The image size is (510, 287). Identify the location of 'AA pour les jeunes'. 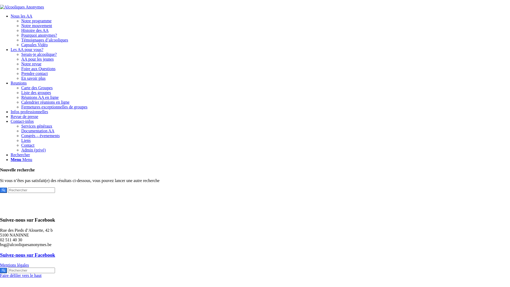
(37, 59).